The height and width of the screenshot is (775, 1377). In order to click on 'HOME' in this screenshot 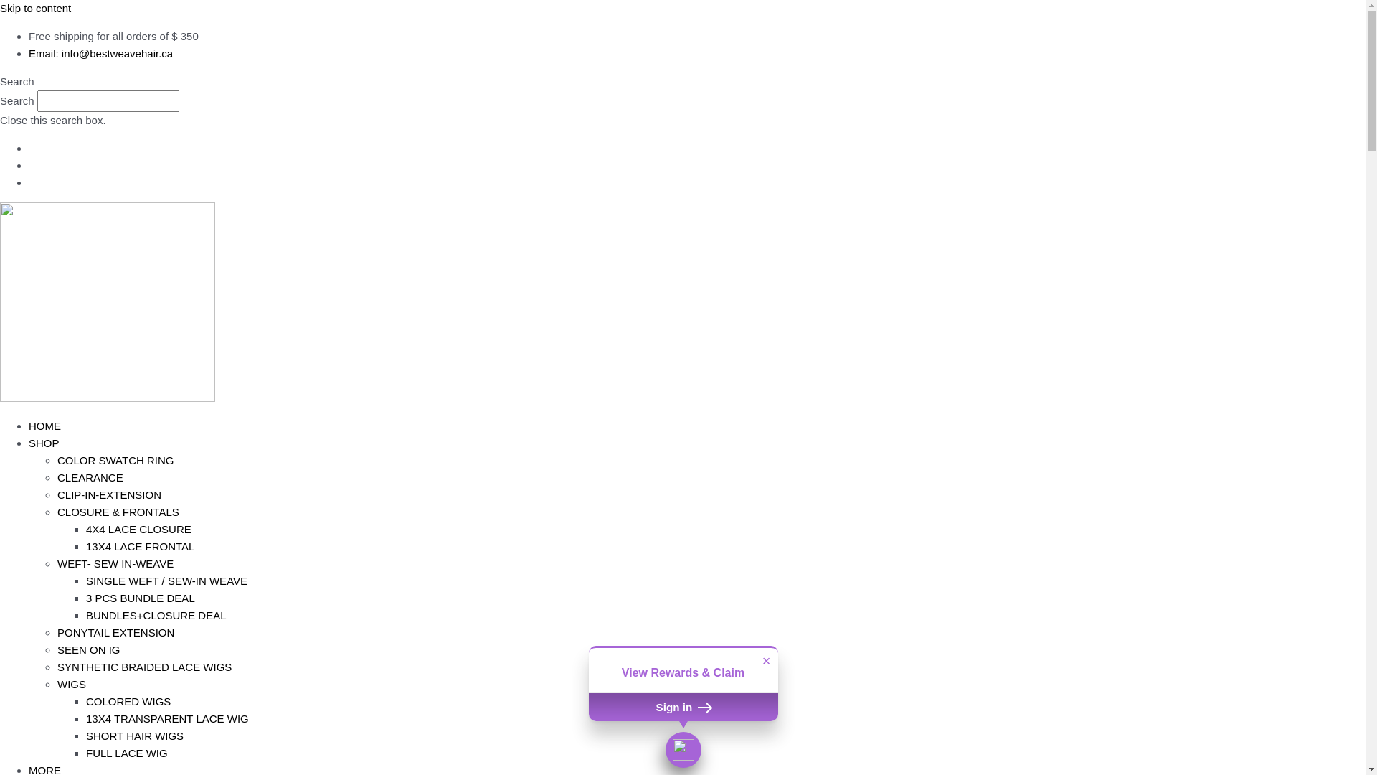, I will do `click(44, 425)`.